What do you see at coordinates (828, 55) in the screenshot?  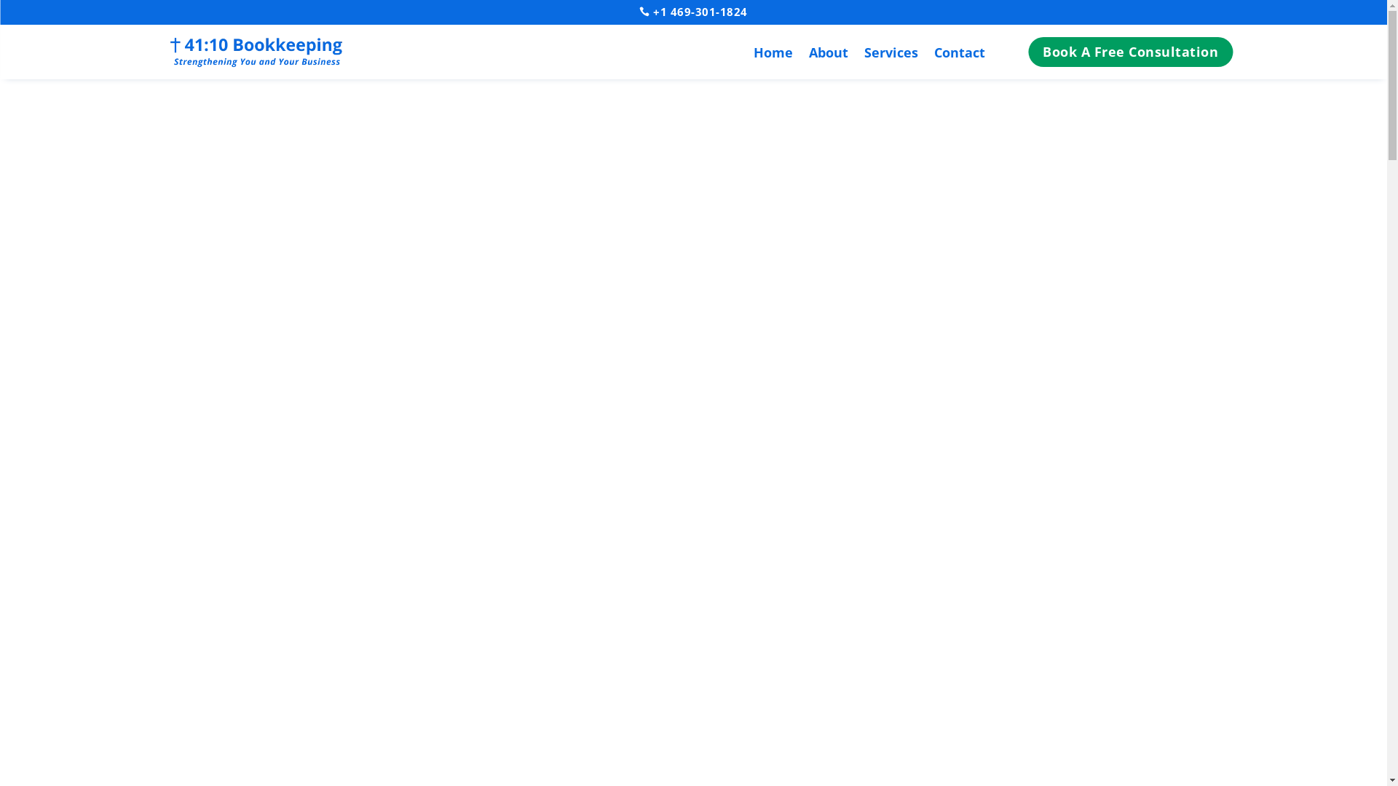 I see `'About'` at bounding box center [828, 55].